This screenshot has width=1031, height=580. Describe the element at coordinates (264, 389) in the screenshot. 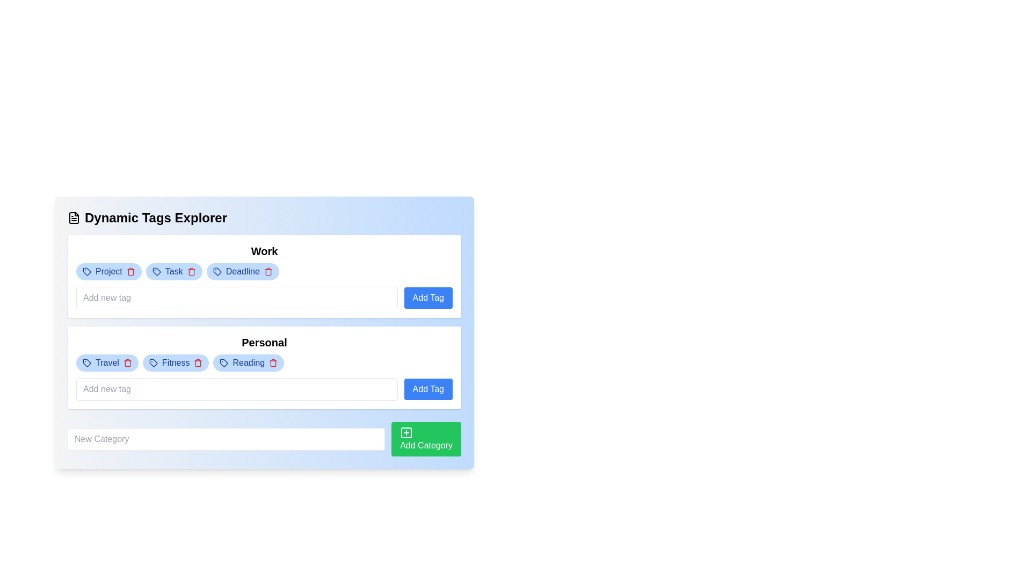

I see `the input field in the 'Personal' category to type a new tag` at that location.